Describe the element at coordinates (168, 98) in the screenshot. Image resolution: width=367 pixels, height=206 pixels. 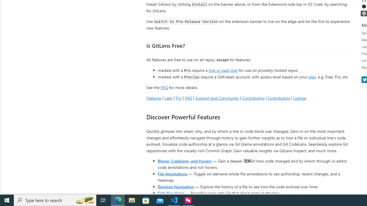
I see `'Labs'` at that location.